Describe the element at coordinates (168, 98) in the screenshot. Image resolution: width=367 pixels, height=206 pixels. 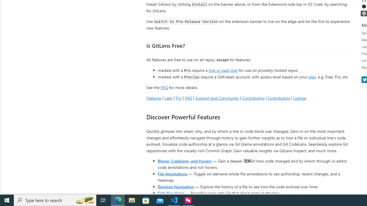
I see `'Labs'` at that location.